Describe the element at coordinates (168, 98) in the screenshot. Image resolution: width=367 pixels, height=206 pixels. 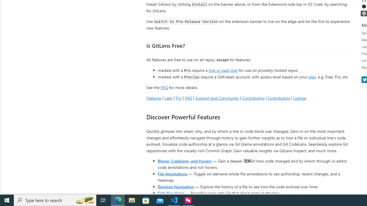
I see `'Labs'` at that location.